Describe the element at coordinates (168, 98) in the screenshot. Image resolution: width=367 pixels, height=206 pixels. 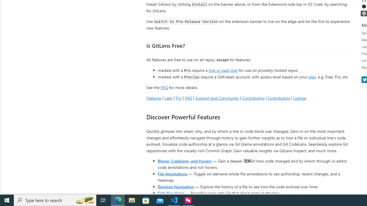
I see `'Labs'` at that location.